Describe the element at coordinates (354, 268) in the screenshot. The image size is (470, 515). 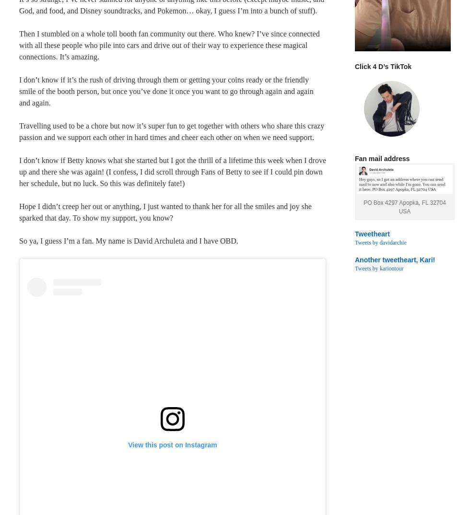
I see `'Tweets by kariontour'` at that location.